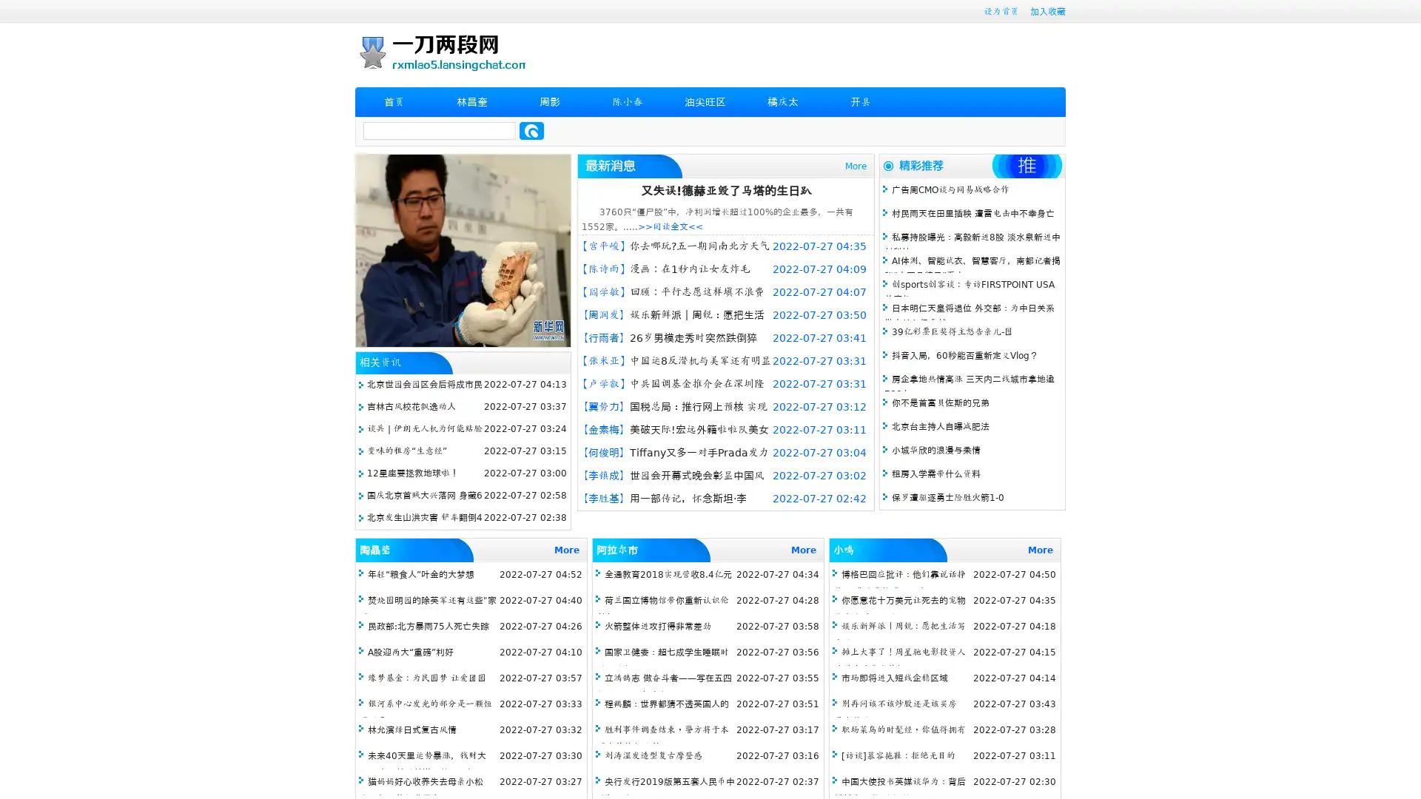 Image resolution: width=1421 pixels, height=799 pixels. Describe the element at coordinates (531, 130) in the screenshot. I see `Search` at that location.